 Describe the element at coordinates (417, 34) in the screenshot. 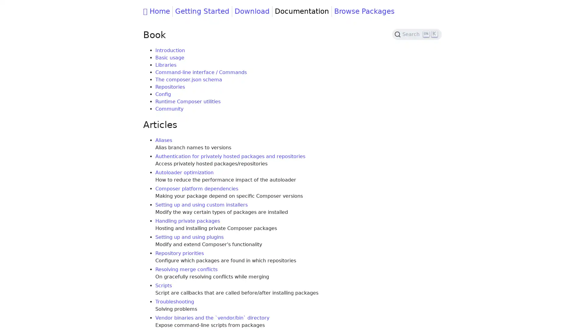

I see `Search` at that location.